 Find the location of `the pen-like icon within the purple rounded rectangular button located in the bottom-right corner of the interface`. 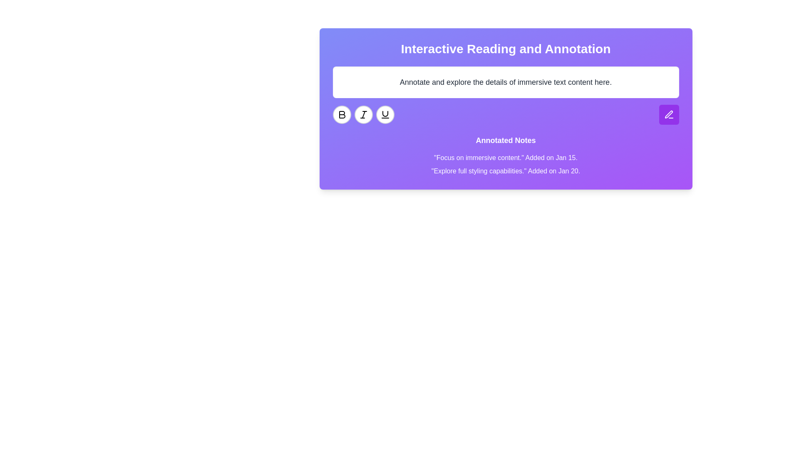

the pen-like icon within the purple rounded rectangular button located in the bottom-right corner of the interface is located at coordinates (669, 115).